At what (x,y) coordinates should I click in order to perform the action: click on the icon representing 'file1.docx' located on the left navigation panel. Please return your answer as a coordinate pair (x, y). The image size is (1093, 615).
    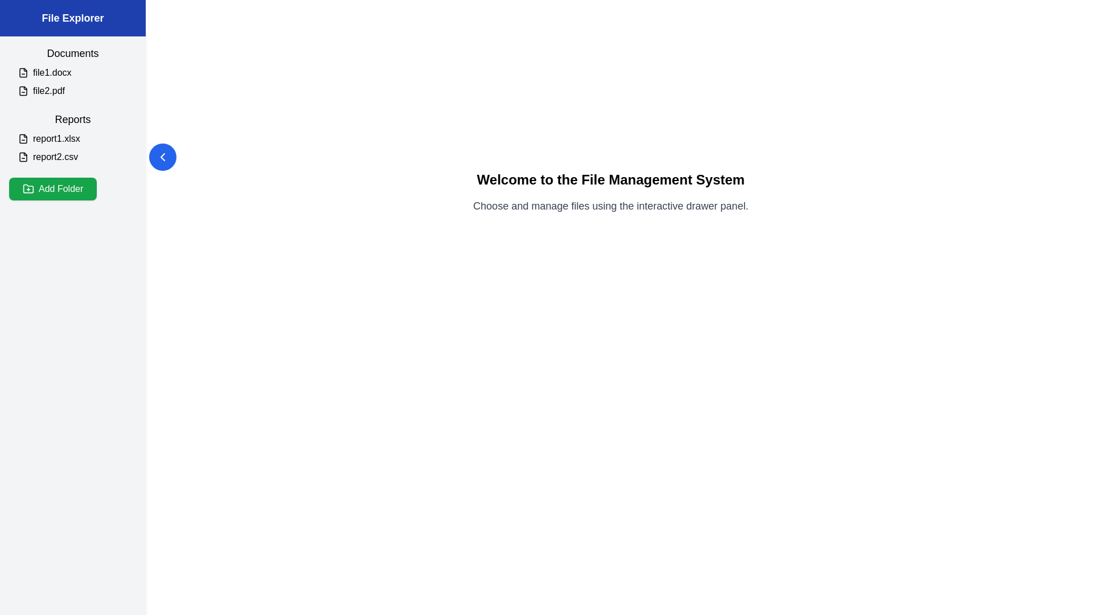
    Looking at the image, I should click on (23, 72).